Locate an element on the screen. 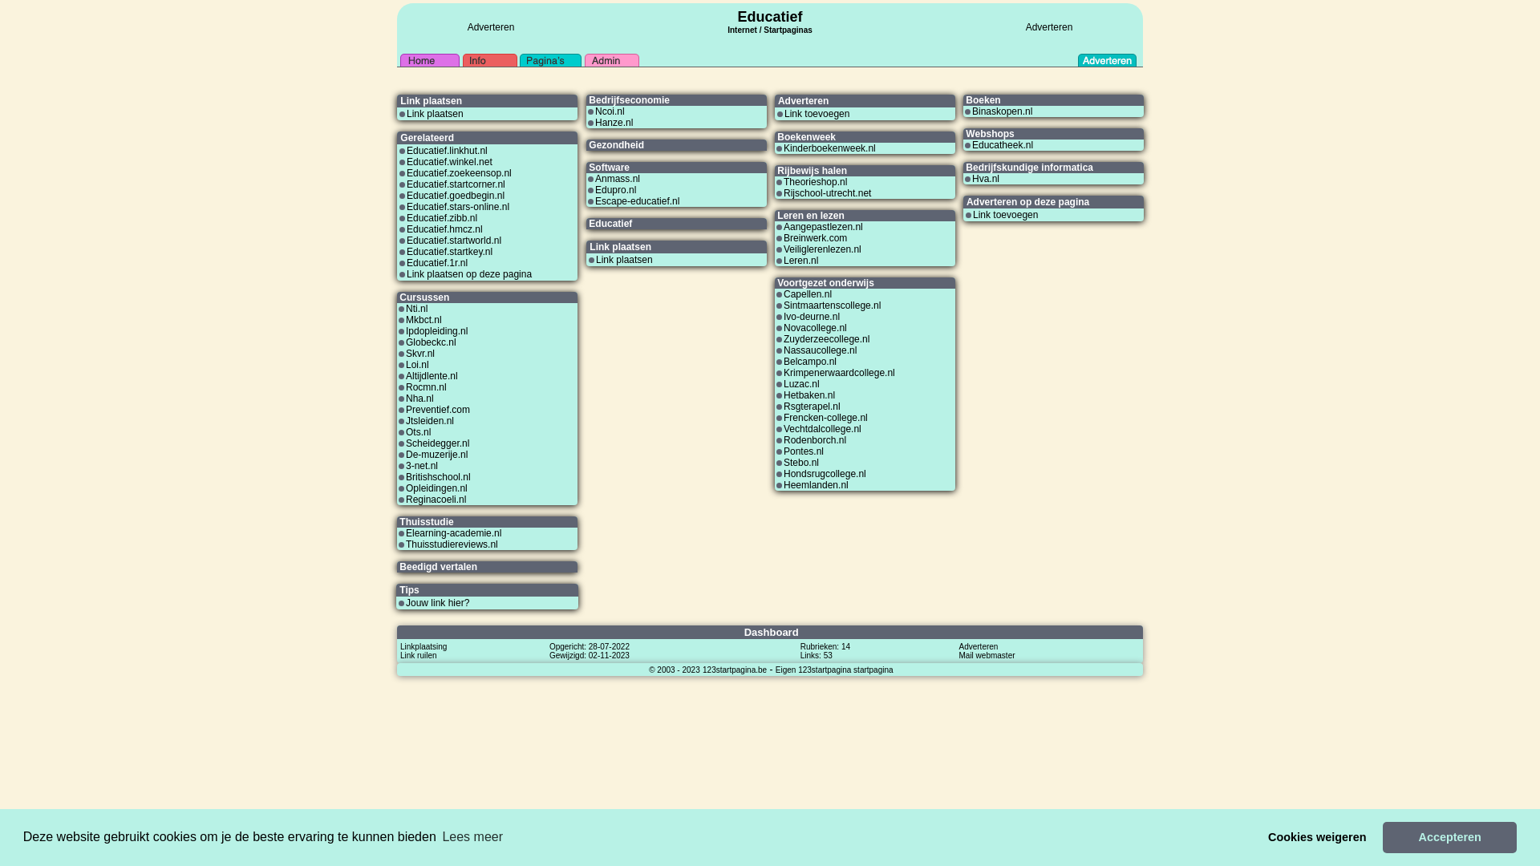 This screenshot has width=1540, height=866. 'Loi.nl' is located at coordinates (405, 365).